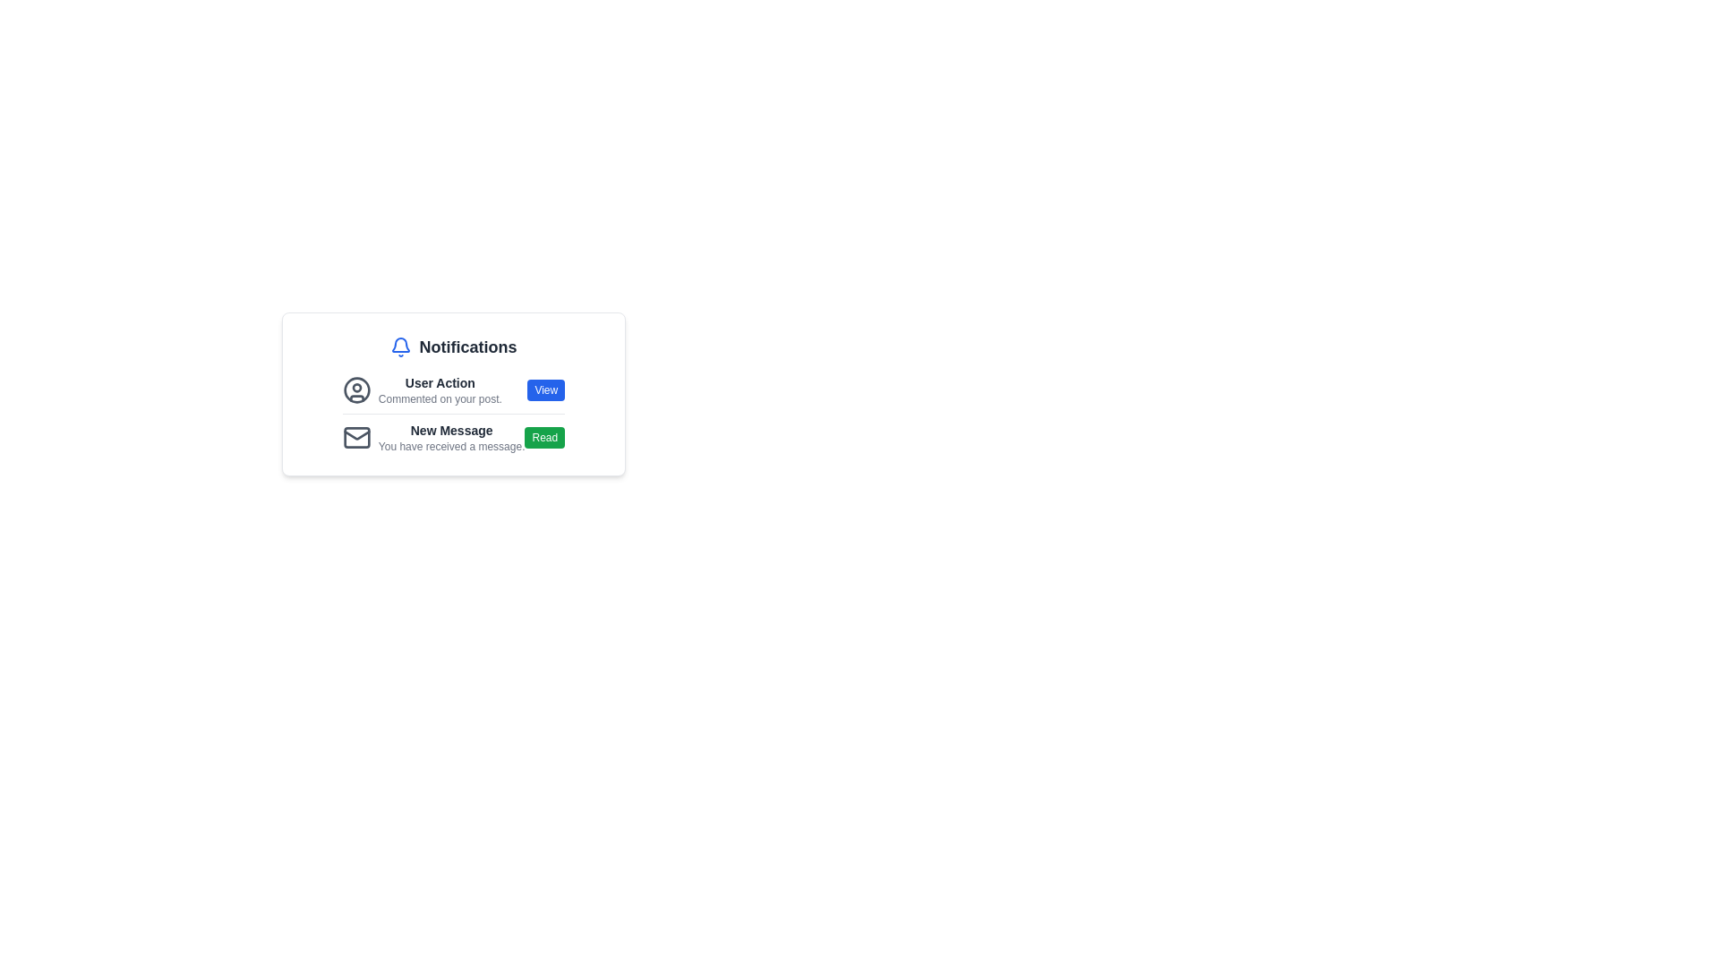 This screenshot has width=1719, height=967. What do you see at coordinates (468, 347) in the screenshot?
I see `the 'Notifications' text label, which is styled in bold and dark gray, positioned next to a notification bell icon` at bounding box center [468, 347].